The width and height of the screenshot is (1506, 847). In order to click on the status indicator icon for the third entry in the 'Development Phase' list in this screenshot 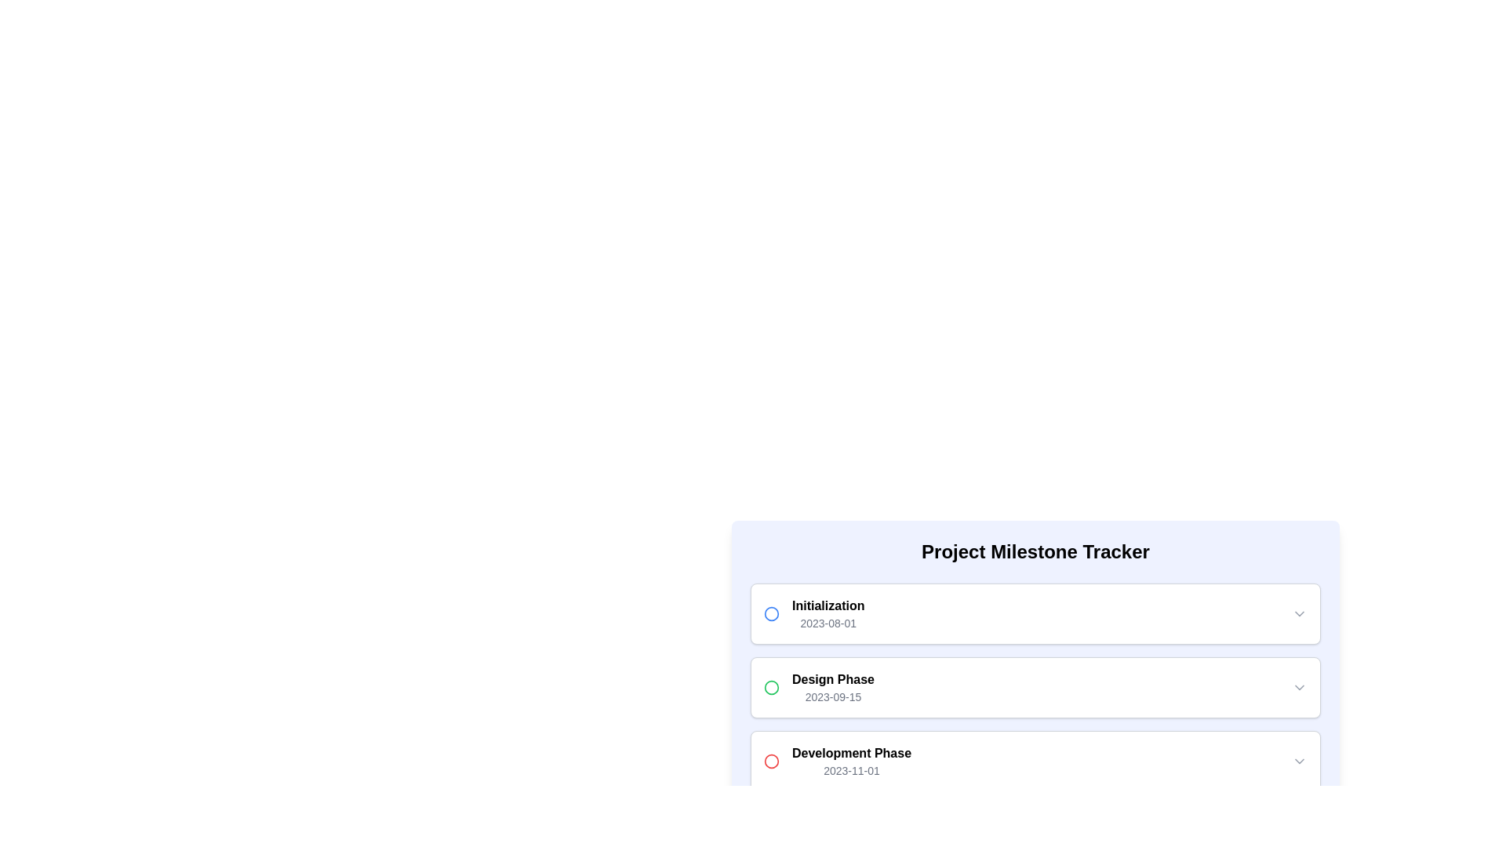, I will do `click(771, 761)`.